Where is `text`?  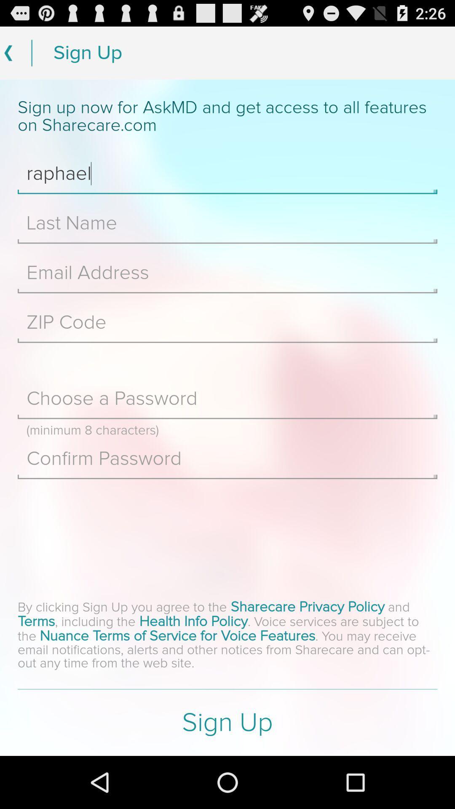
text is located at coordinates (227, 322).